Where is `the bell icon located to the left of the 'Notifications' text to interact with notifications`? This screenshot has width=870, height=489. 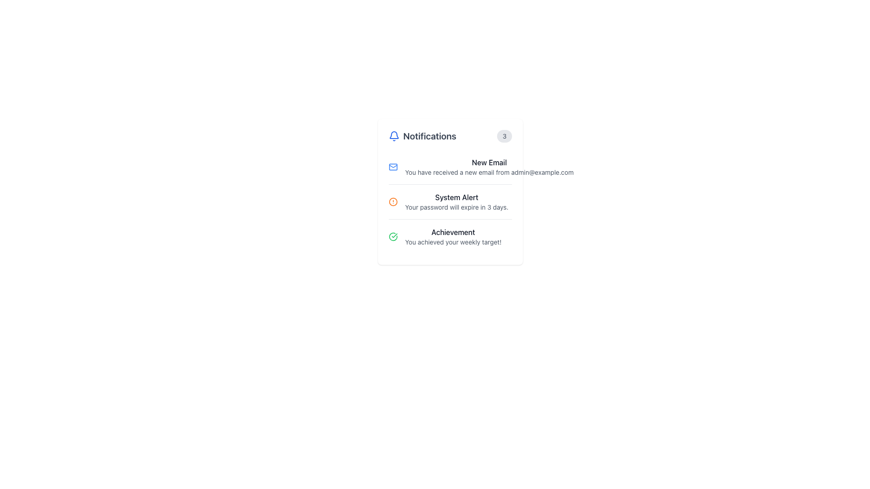
the bell icon located to the left of the 'Notifications' text to interact with notifications is located at coordinates (394, 136).